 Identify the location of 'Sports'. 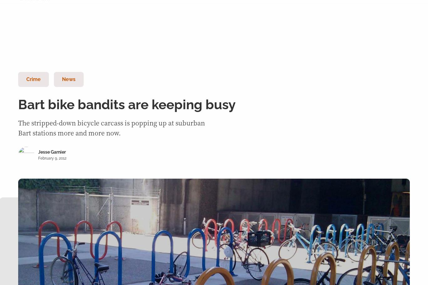
(189, 87).